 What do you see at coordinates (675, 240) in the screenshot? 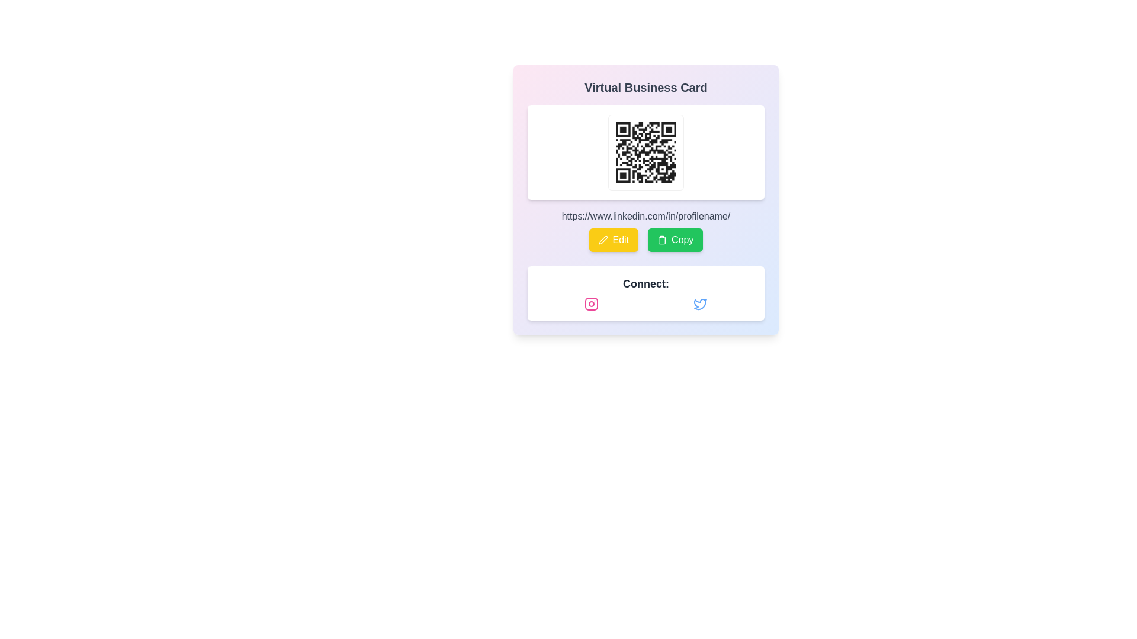
I see `the second button in the horizontal group that provides a 'Copy' functionality, located to the right of the yellow 'Edit' button, to change its color` at bounding box center [675, 240].